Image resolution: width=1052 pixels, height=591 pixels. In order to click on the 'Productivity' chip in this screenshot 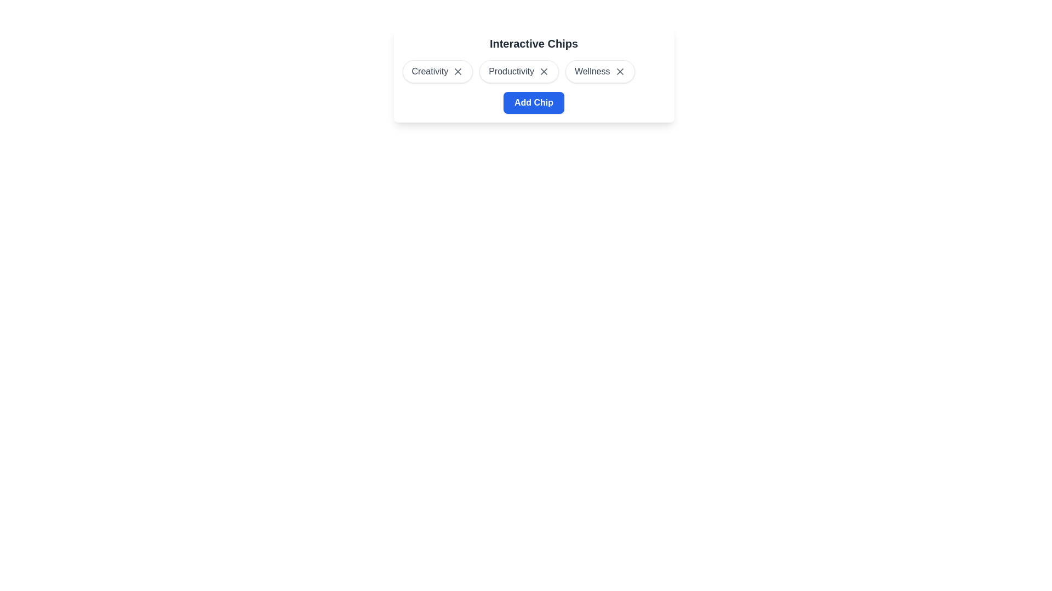, I will do `click(534, 74)`.